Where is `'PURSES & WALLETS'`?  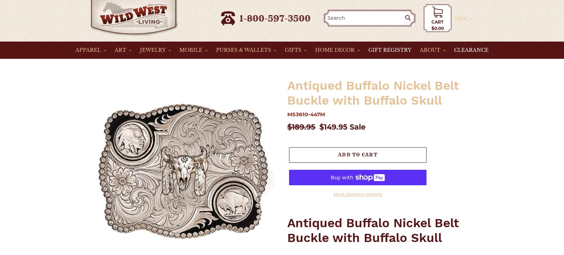
'PURSES & WALLETS' is located at coordinates (244, 49).